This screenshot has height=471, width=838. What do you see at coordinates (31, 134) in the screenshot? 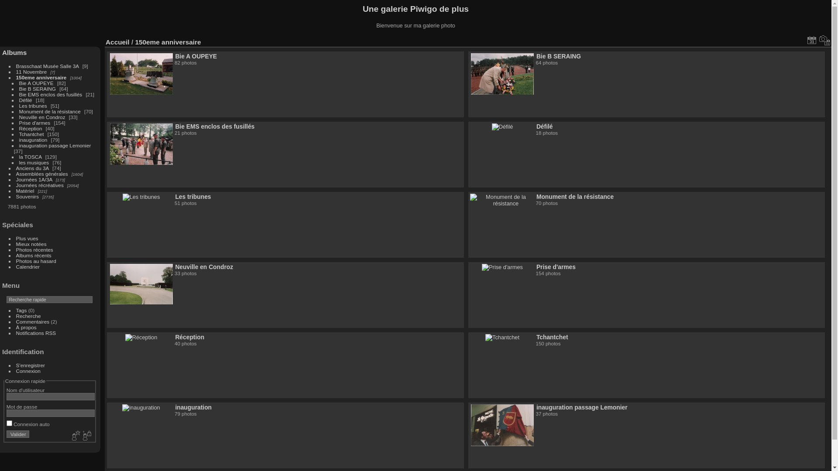
I see `'Tchantchet'` at bounding box center [31, 134].